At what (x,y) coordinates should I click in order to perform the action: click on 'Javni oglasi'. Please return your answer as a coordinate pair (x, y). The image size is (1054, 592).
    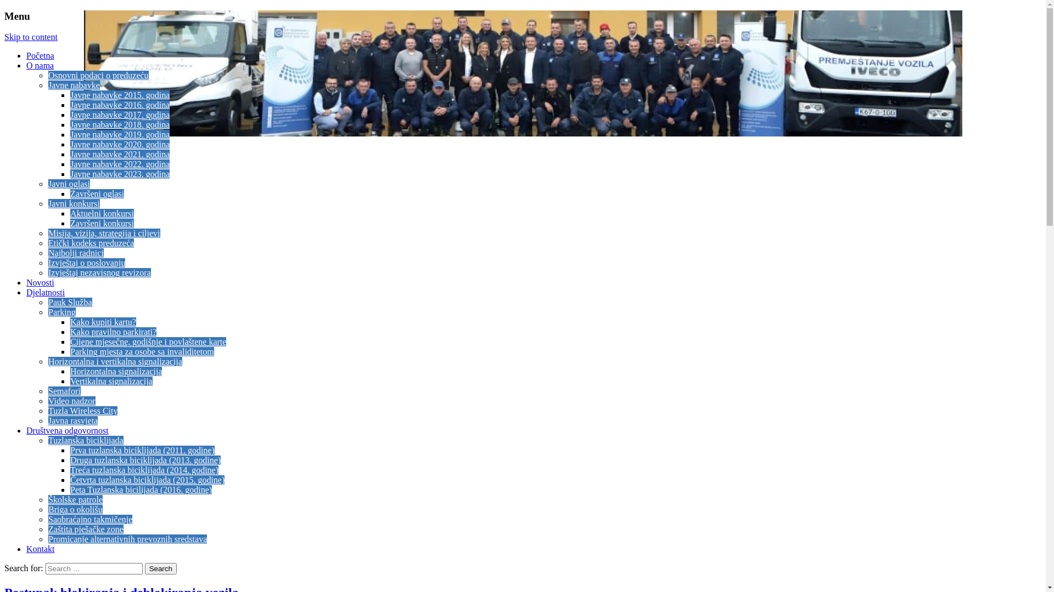
    Looking at the image, I should click on (68, 183).